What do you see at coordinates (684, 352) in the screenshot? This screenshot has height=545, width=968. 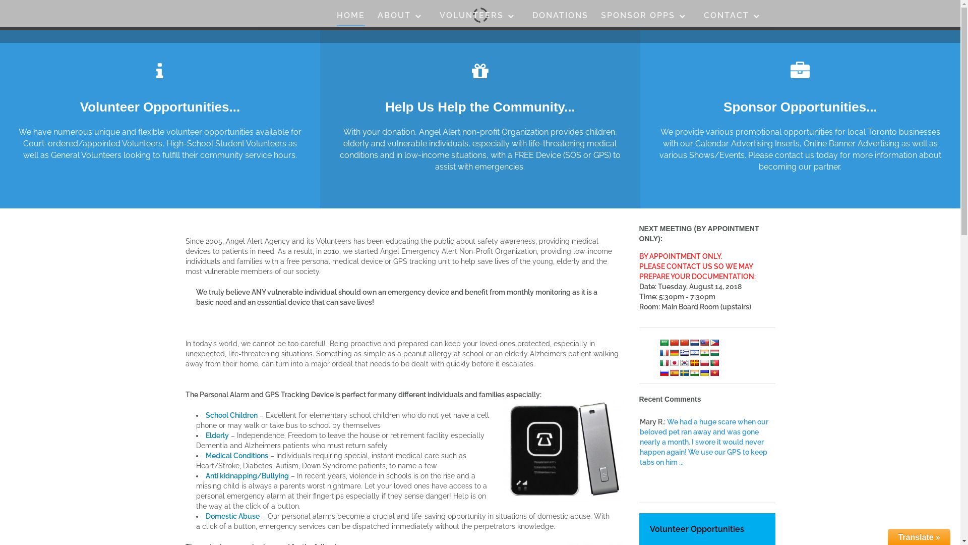 I see `'Greek'` at bounding box center [684, 352].